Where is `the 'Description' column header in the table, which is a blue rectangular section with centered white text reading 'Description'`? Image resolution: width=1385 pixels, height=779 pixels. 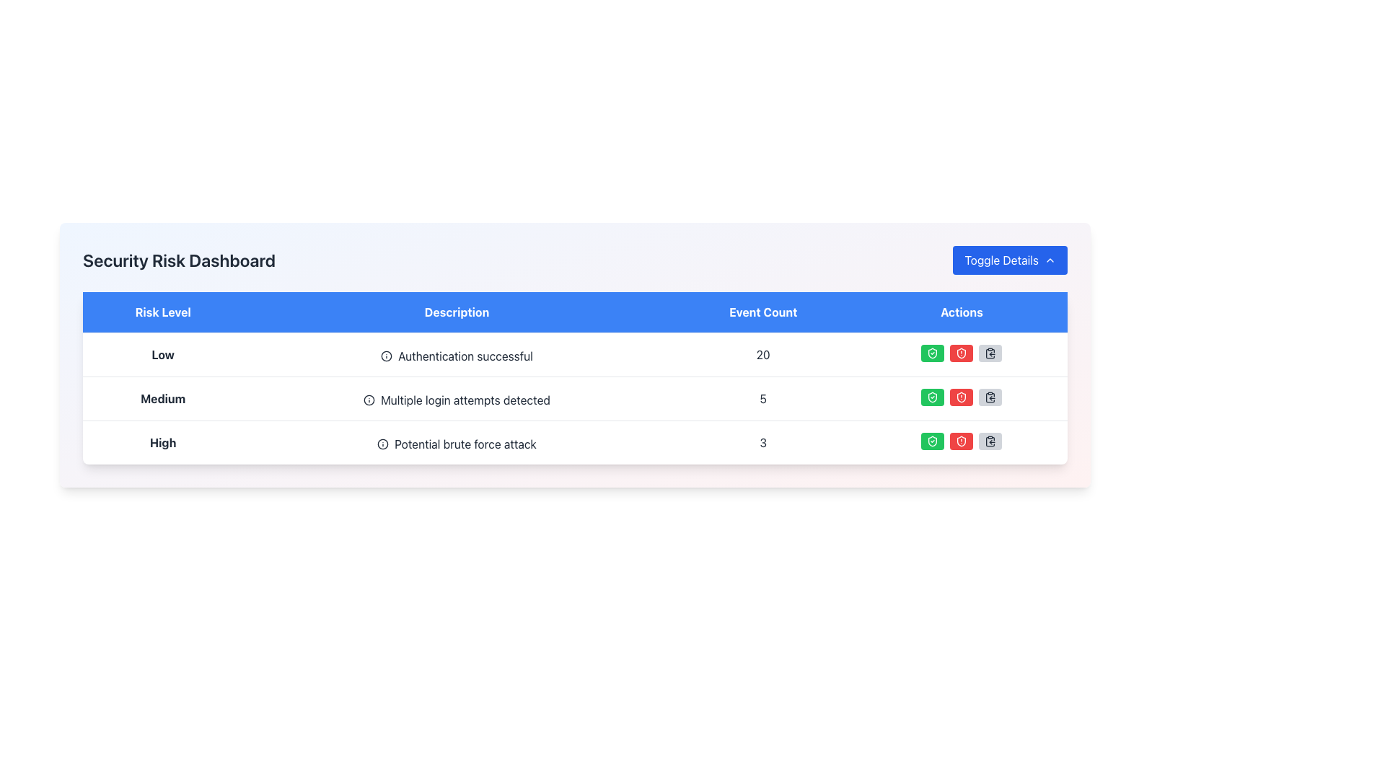 the 'Description' column header in the table, which is a blue rectangular section with centered white text reading 'Description' is located at coordinates (456, 312).